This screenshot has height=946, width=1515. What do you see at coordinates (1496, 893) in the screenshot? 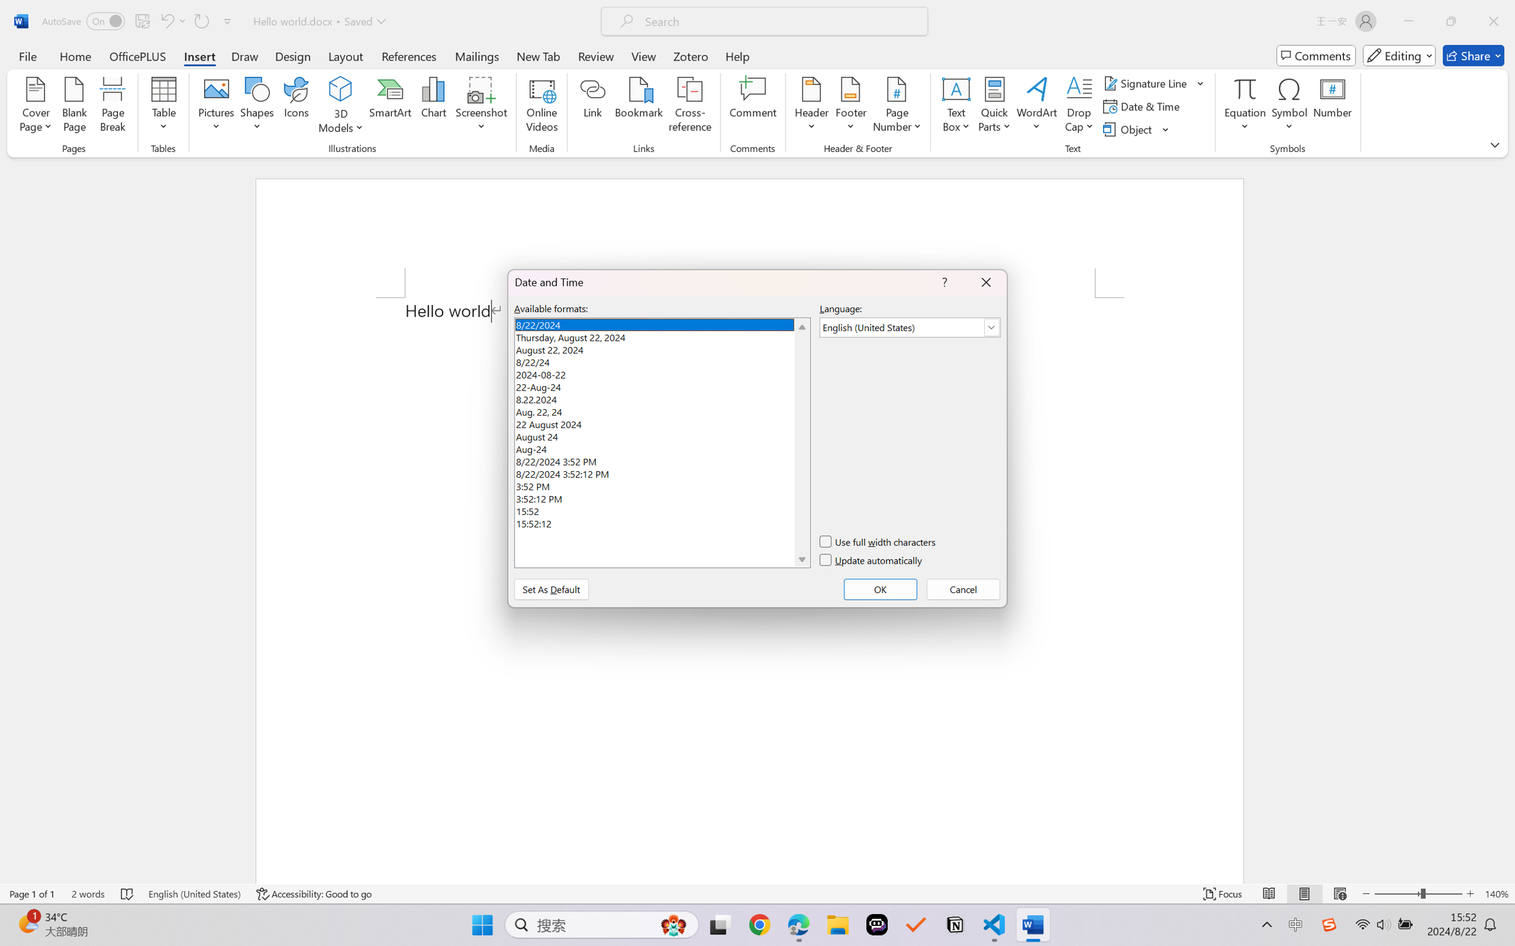
I see `'Zoom 140%'` at bounding box center [1496, 893].